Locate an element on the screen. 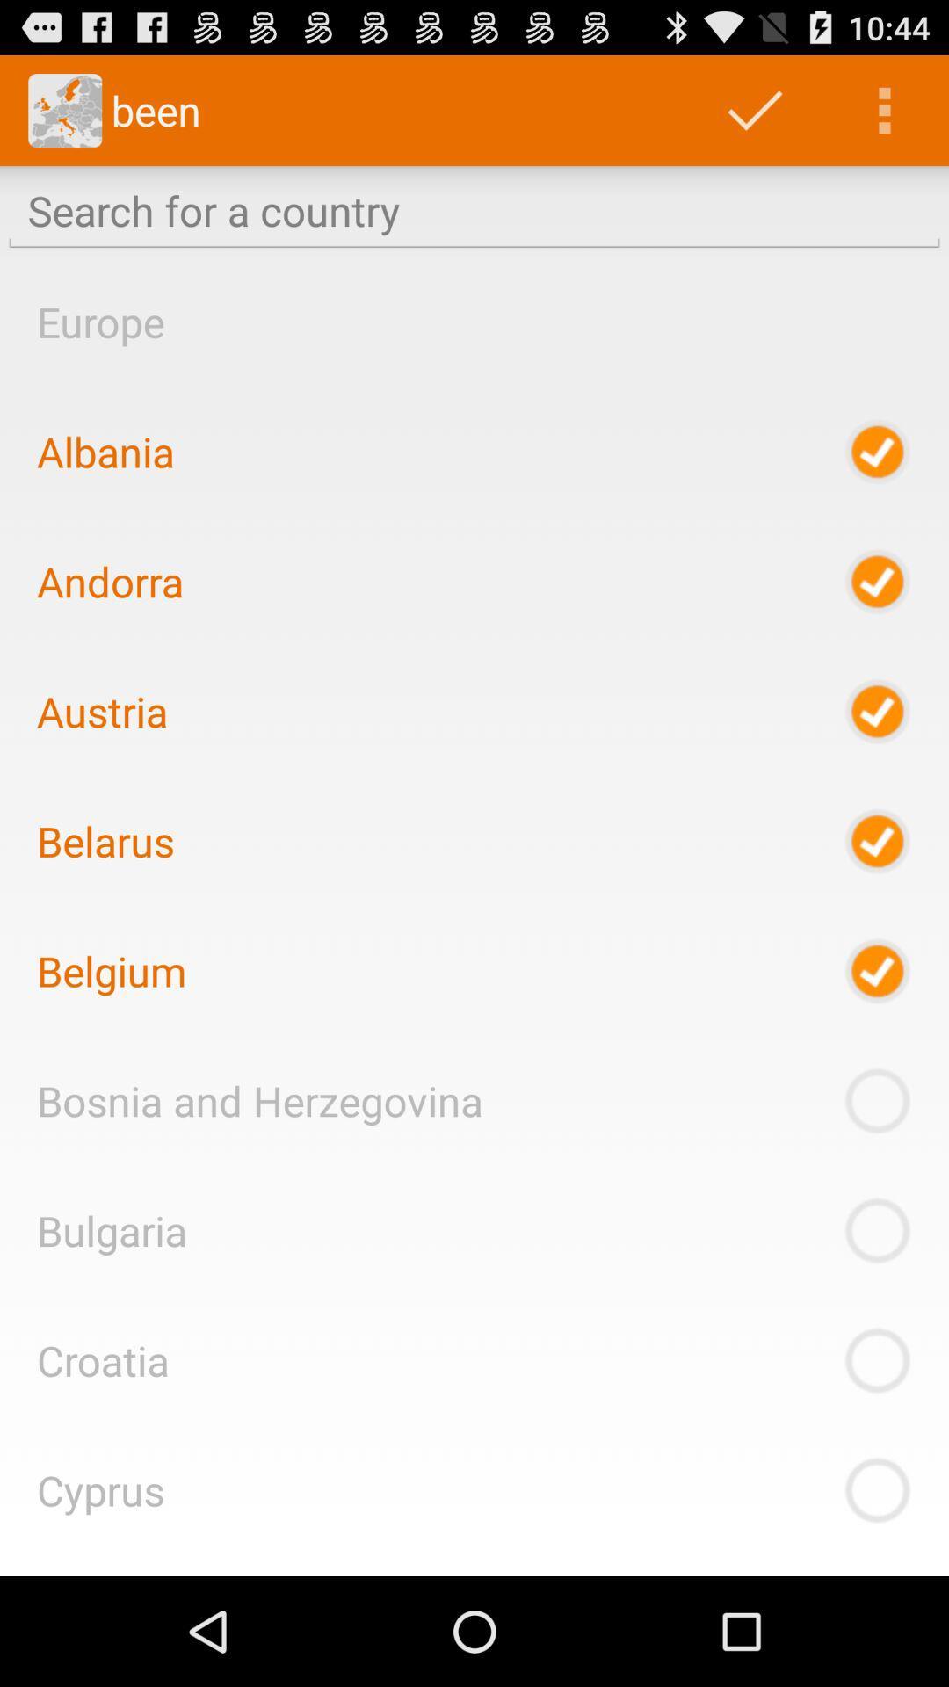 This screenshot has height=1687, width=949. the item above belarus icon is located at coordinates (102, 711).